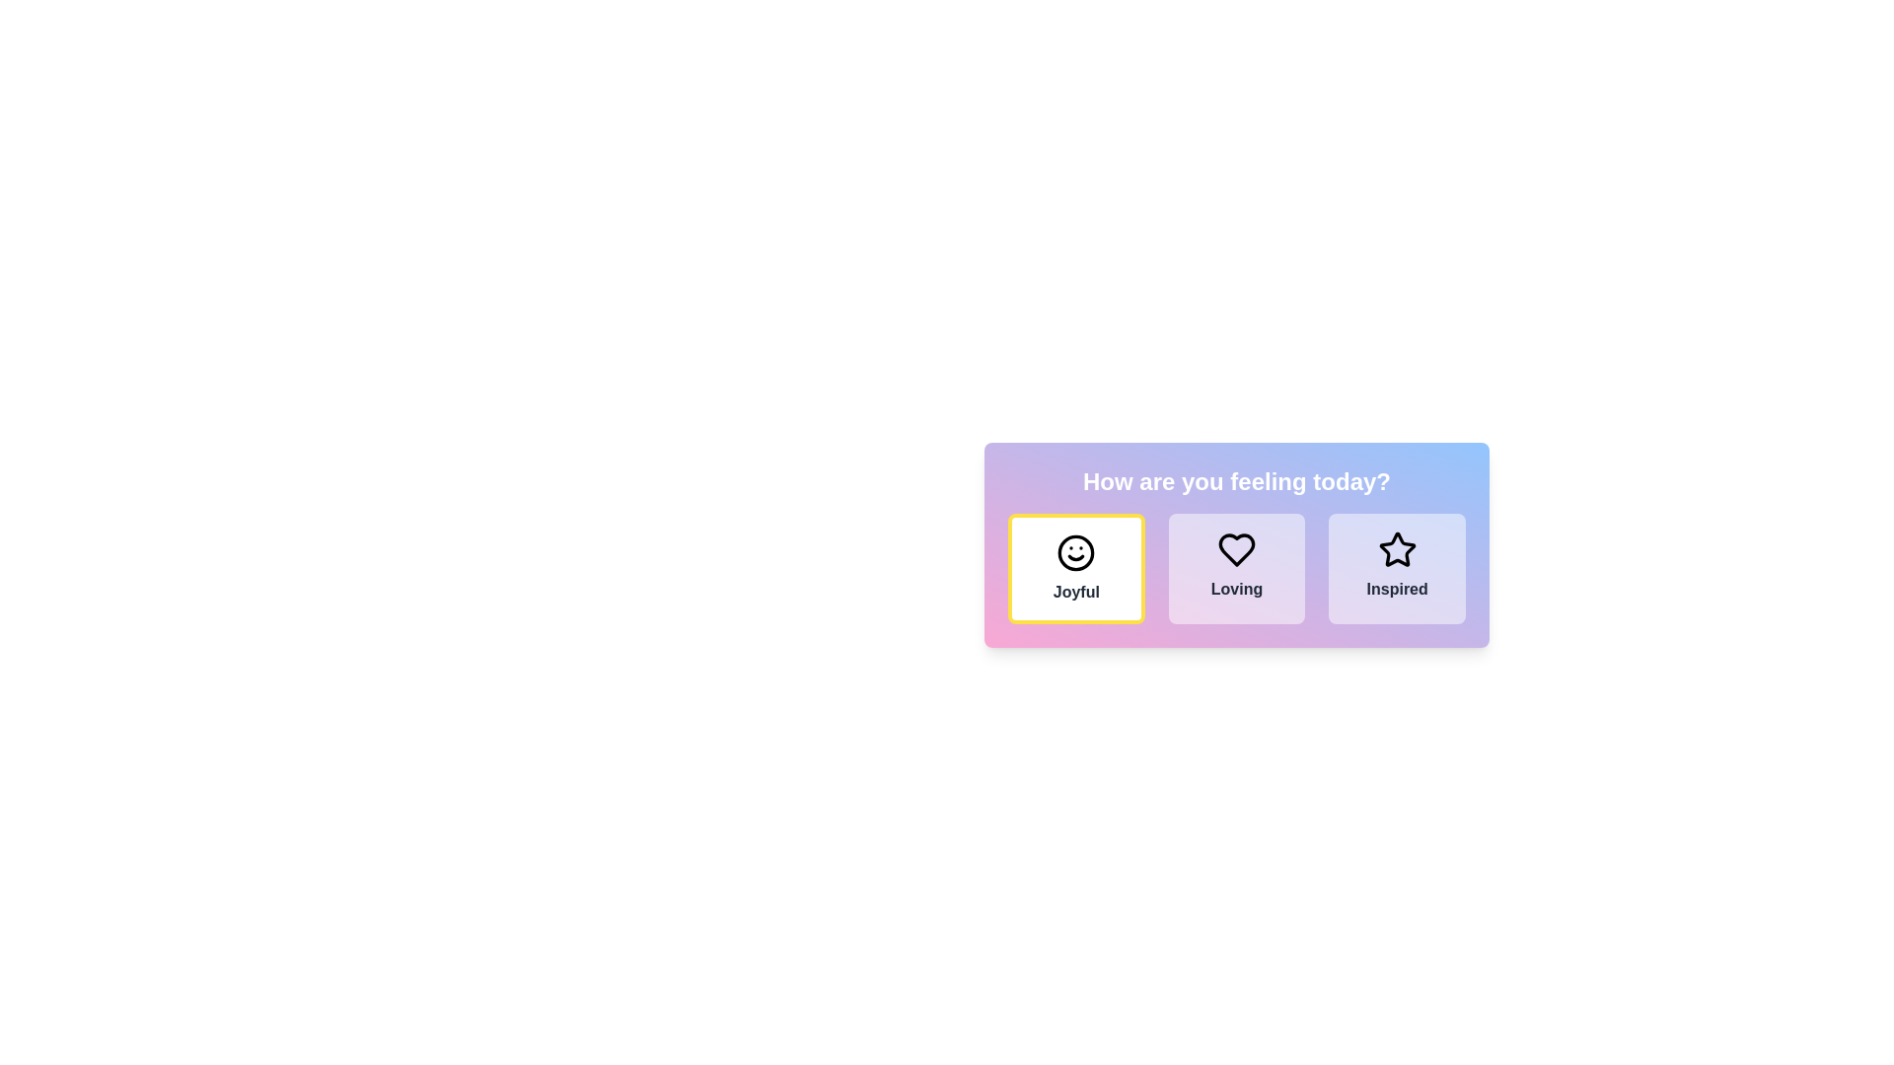 The image size is (1894, 1065). What do you see at coordinates (1396, 588) in the screenshot?
I see `the 'Inspired' emotion text label located below the star icon in the emotion selection interface` at bounding box center [1396, 588].